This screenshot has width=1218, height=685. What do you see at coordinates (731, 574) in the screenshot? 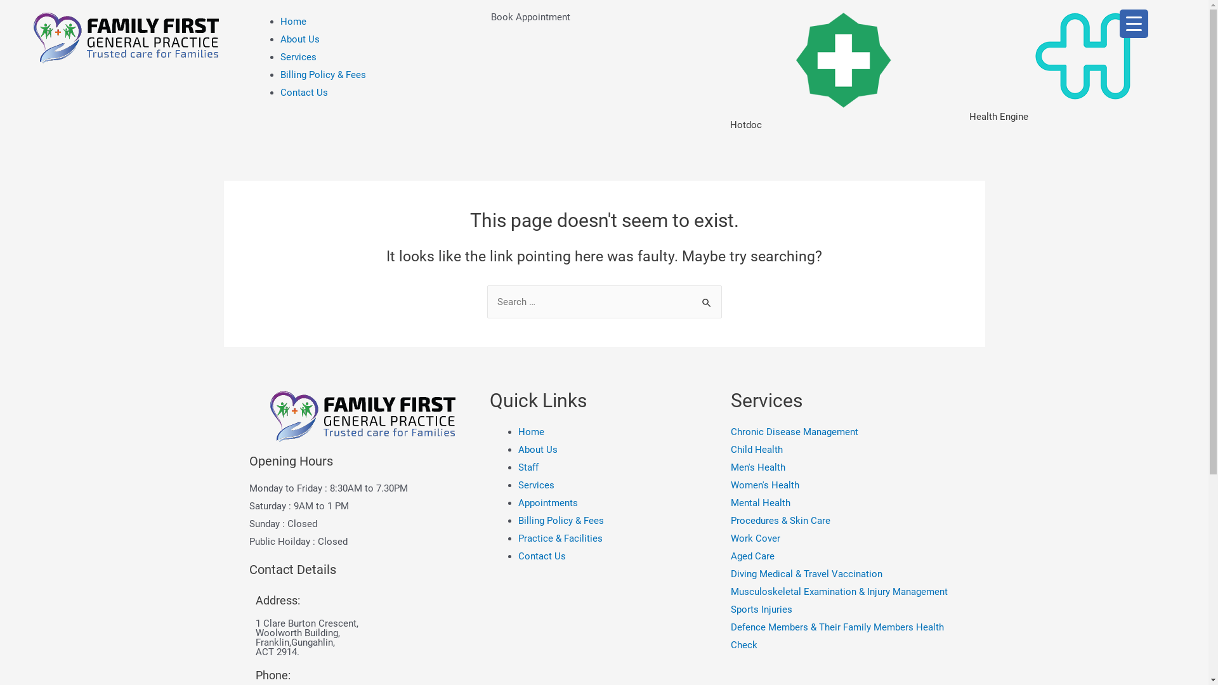
I see `'Diving Medical & Travel Vaccination'` at bounding box center [731, 574].